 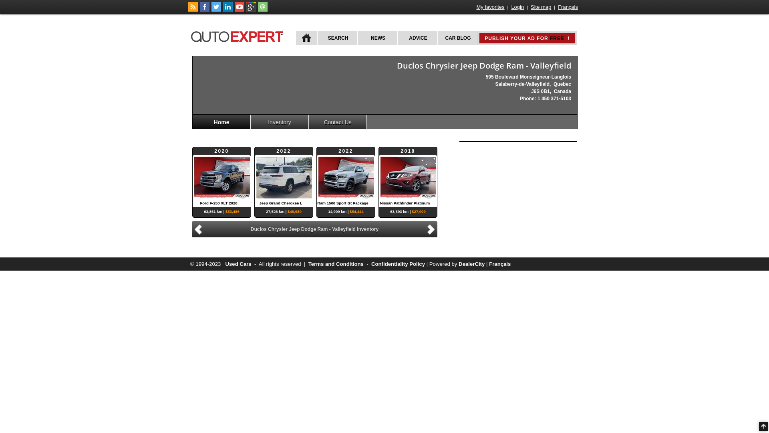 What do you see at coordinates (193, 10) in the screenshot?
I see `'Follow car news on autoExpert.ca'` at bounding box center [193, 10].